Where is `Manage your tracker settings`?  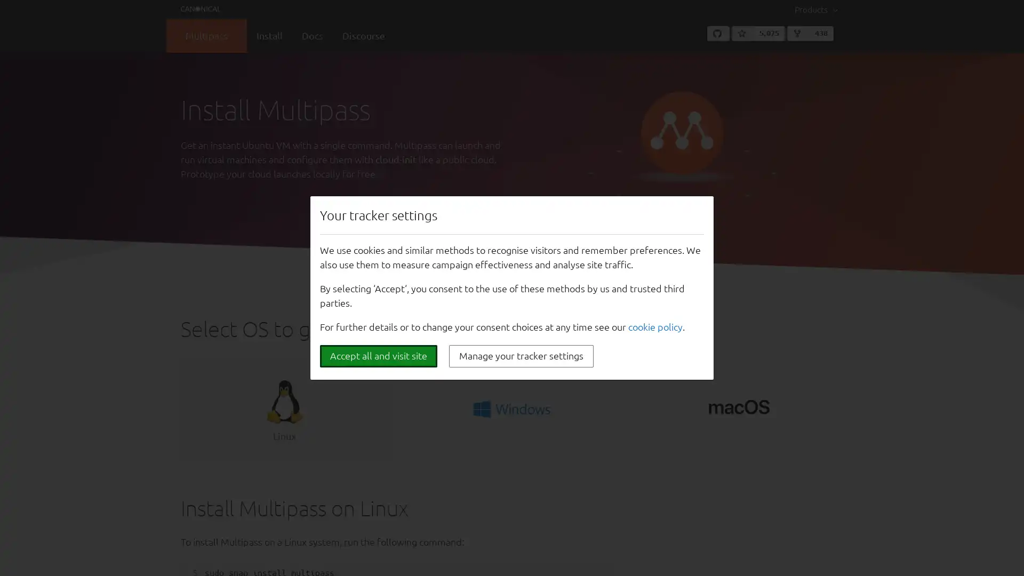 Manage your tracker settings is located at coordinates (521, 356).